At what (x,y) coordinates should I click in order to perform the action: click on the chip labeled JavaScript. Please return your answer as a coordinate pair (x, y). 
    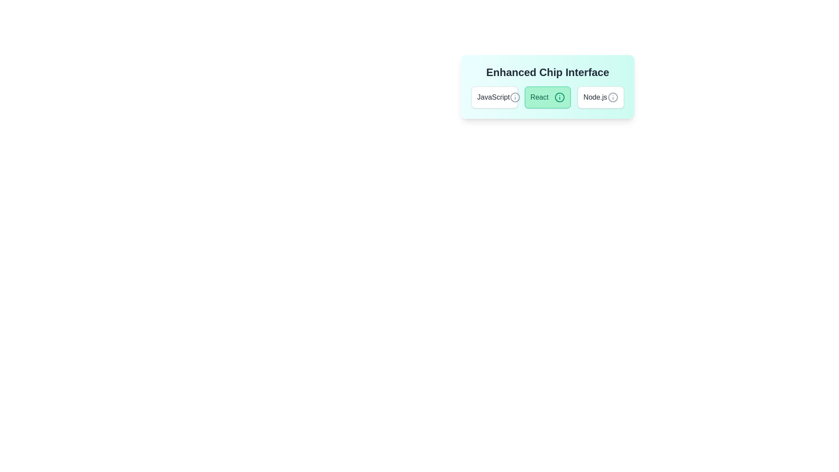
    Looking at the image, I should click on (494, 97).